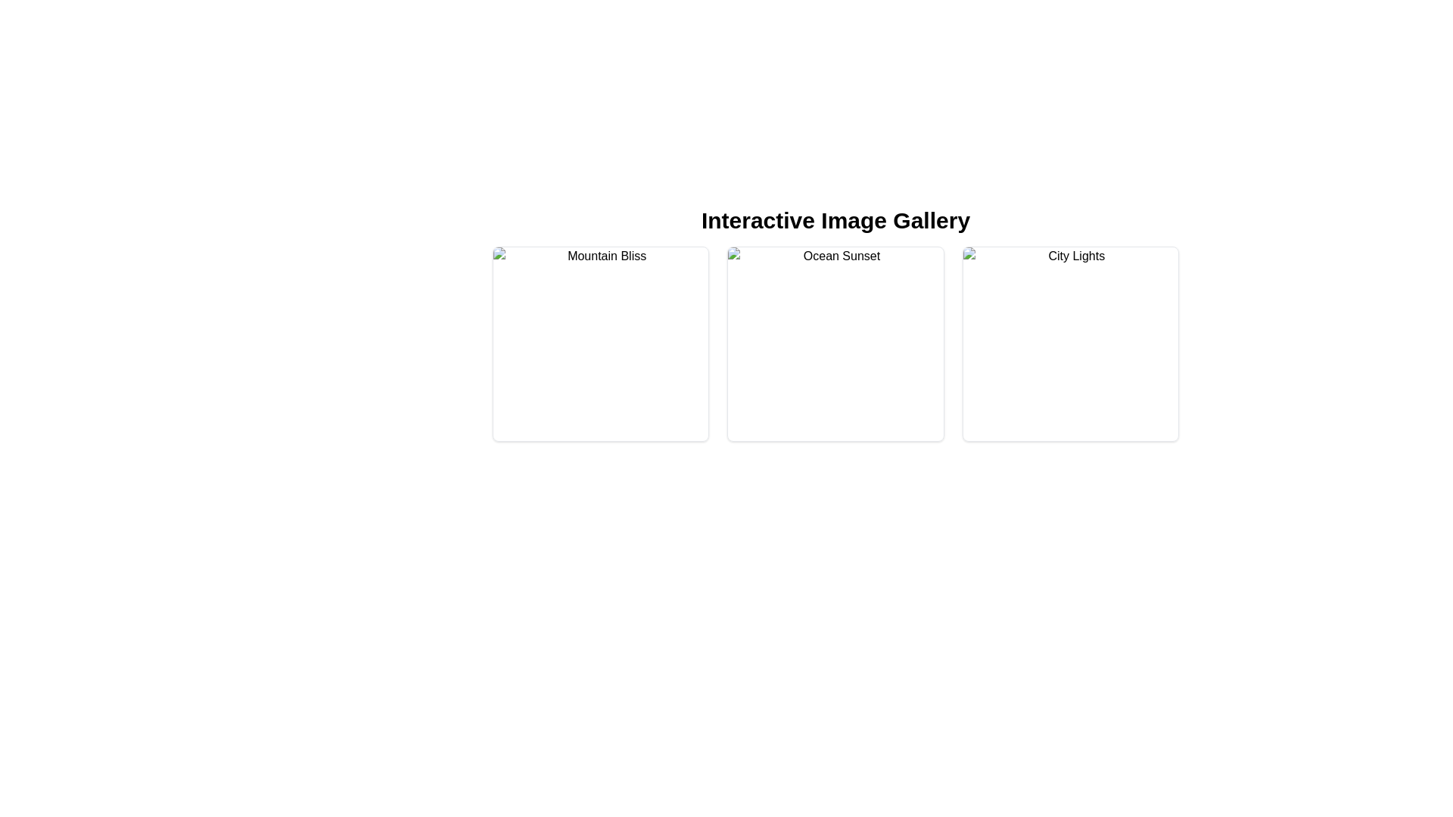 This screenshot has height=817, width=1453. Describe the element at coordinates (835, 344) in the screenshot. I see `the image labeled 'Ocean Sunset'` at that location.